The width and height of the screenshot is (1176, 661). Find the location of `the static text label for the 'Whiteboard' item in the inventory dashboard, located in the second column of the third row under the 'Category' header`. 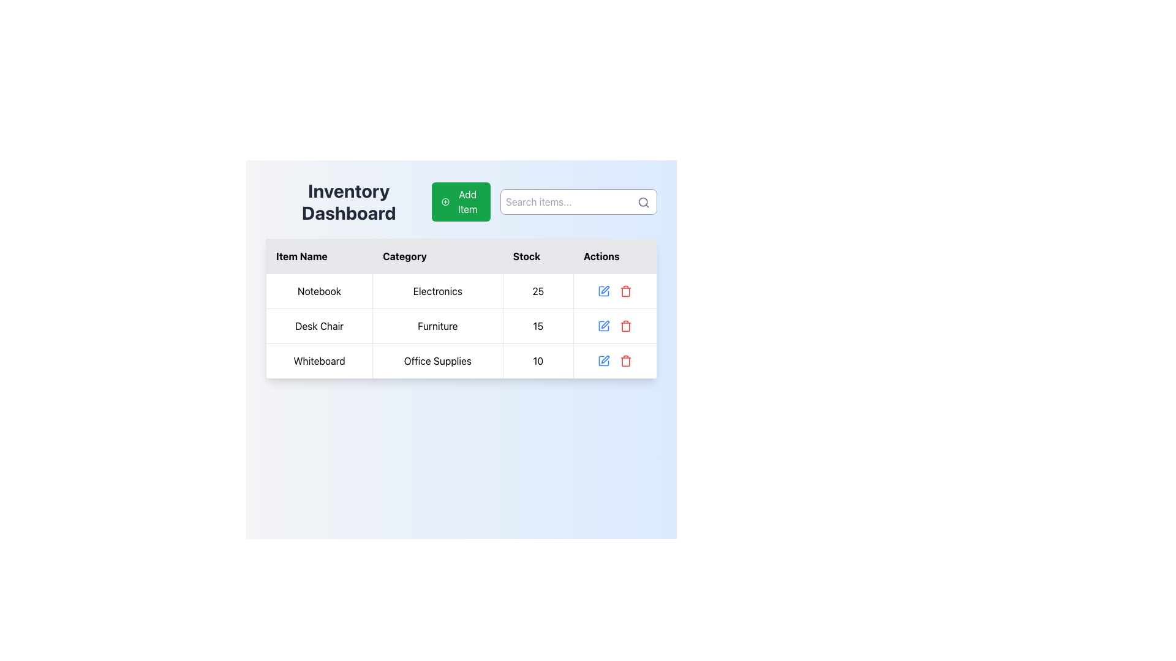

the static text label for the 'Whiteboard' item in the inventory dashboard, located in the second column of the third row under the 'Category' header is located at coordinates (437, 360).